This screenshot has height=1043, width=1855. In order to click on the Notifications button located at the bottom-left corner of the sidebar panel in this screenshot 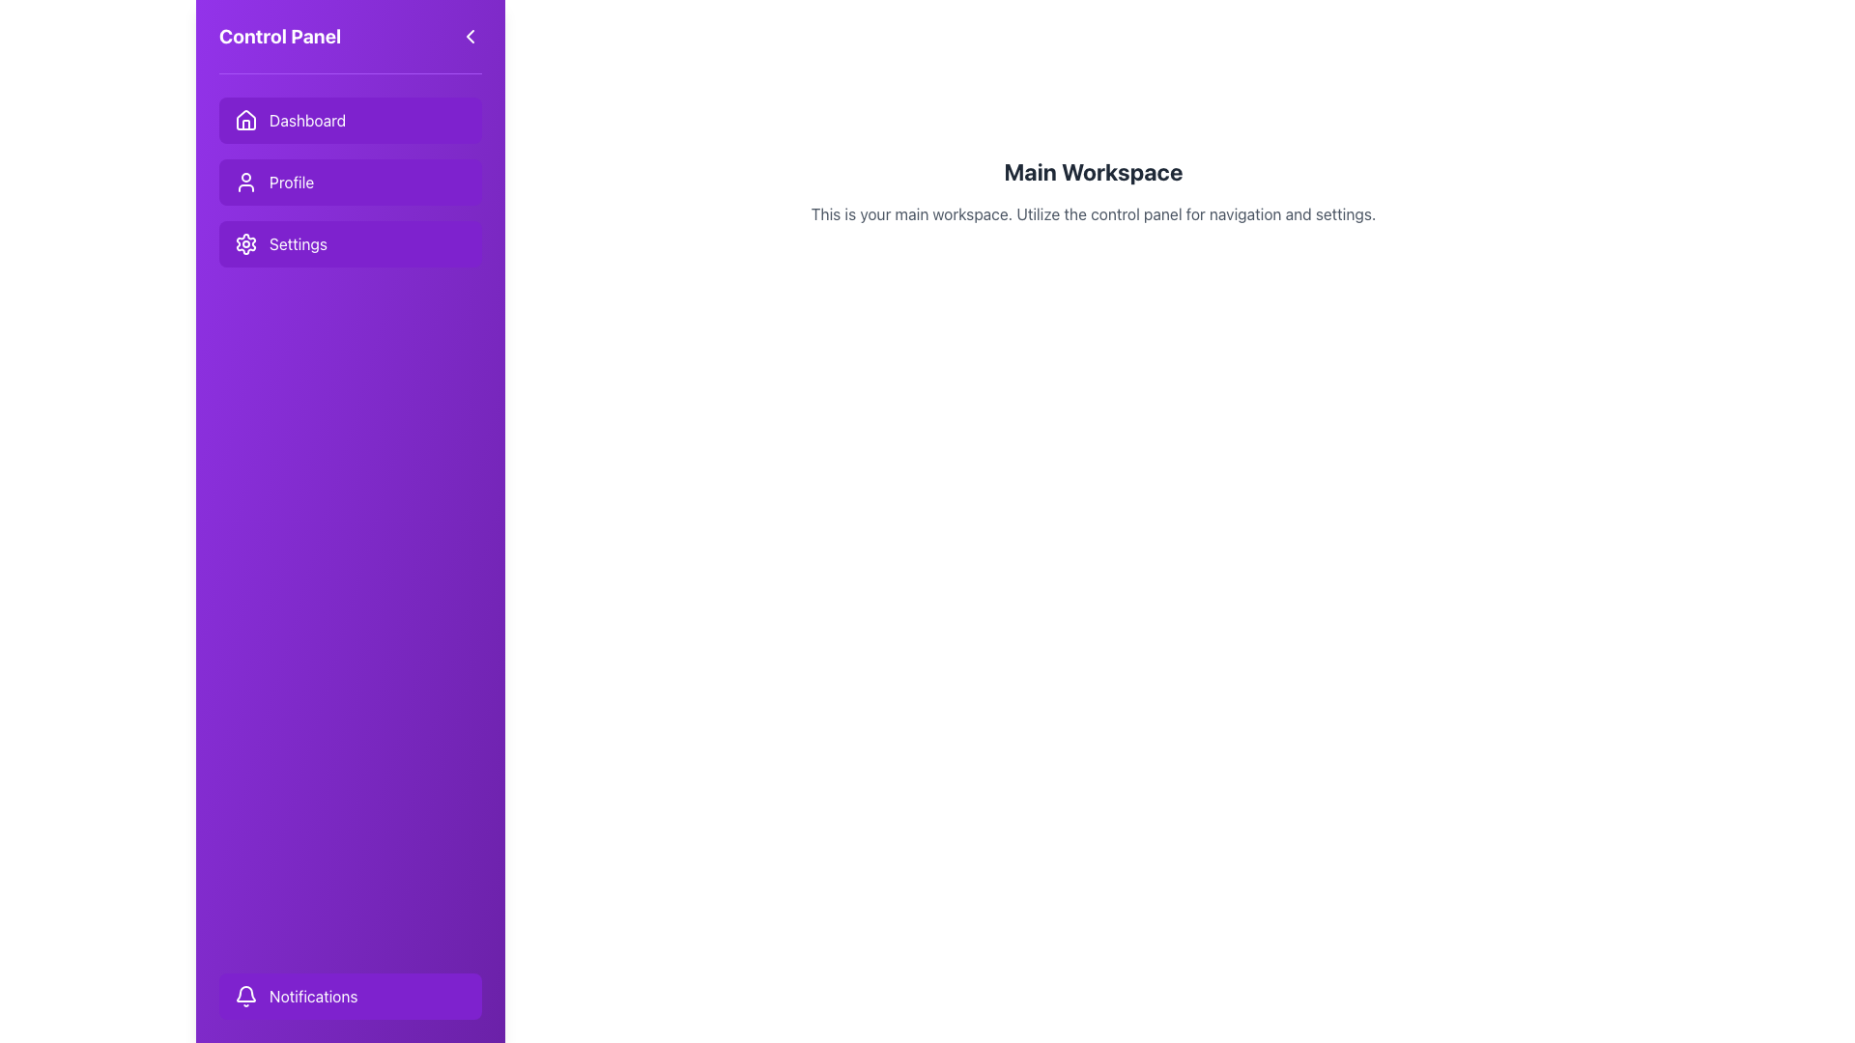, I will do `click(351, 997)`.